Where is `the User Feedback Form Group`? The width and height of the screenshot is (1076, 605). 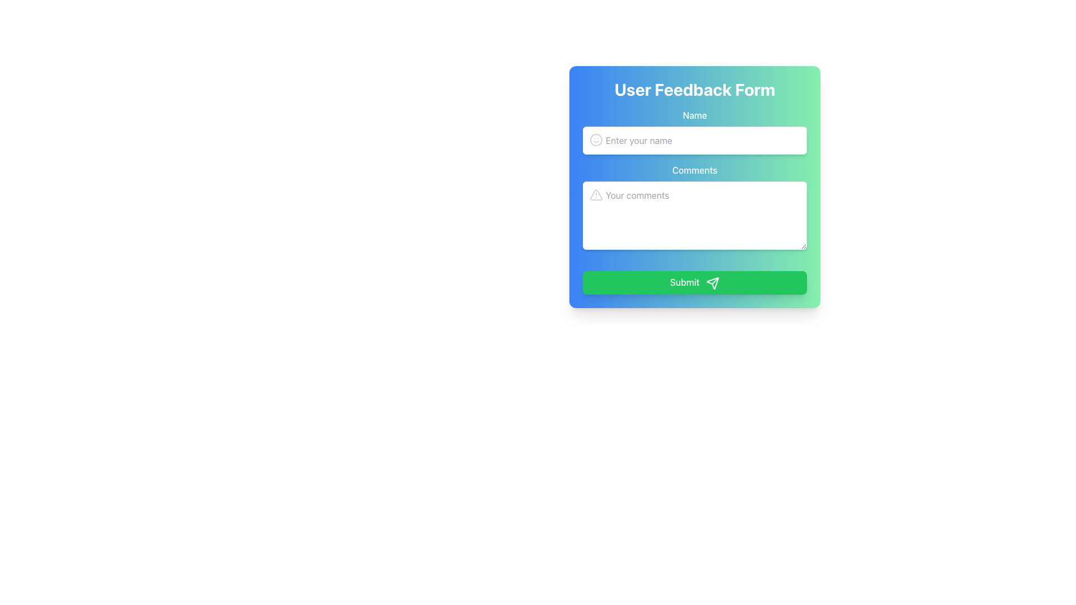
the User Feedback Form Group is located at coordinates (694, 200).